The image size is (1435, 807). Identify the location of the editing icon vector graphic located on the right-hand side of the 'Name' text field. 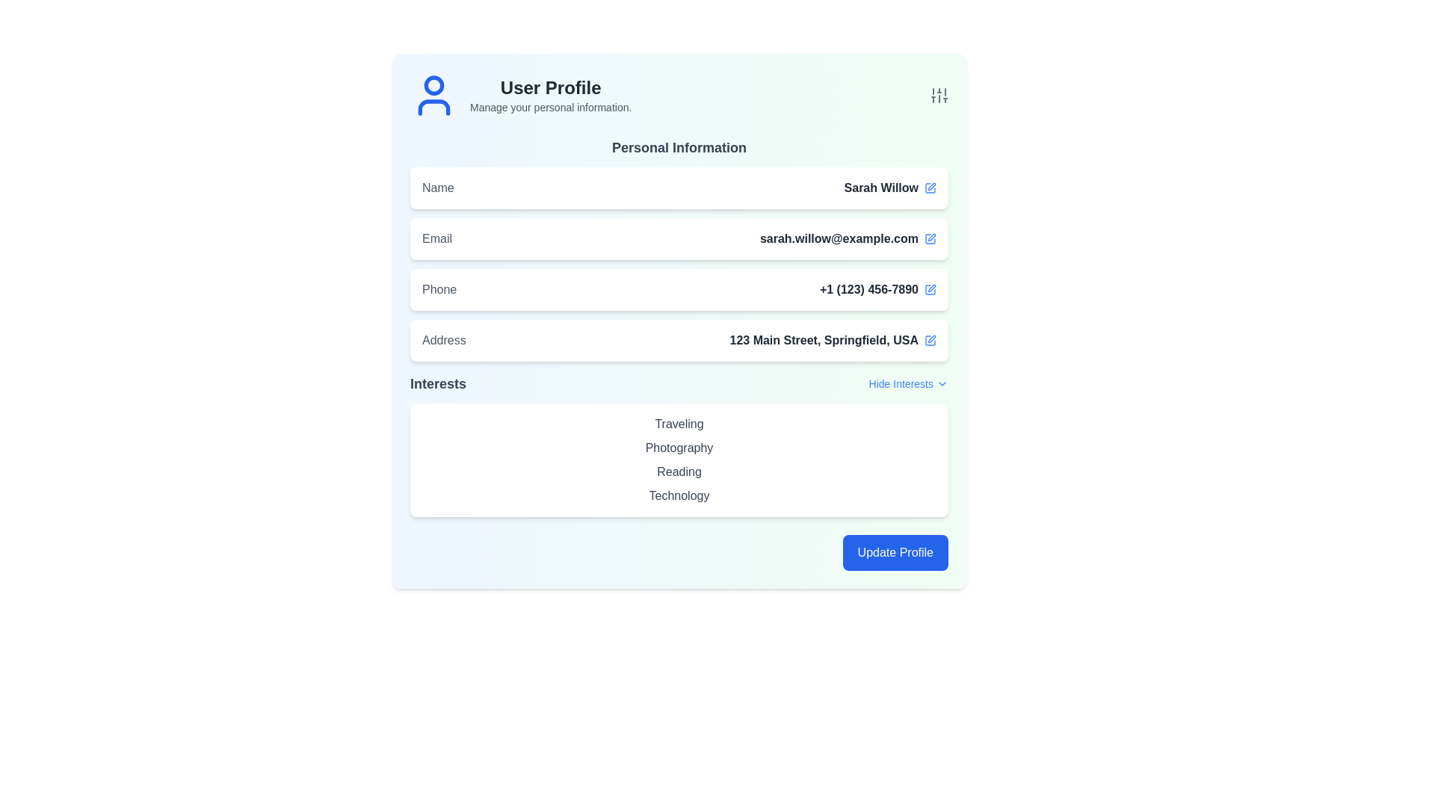
(931, 186).